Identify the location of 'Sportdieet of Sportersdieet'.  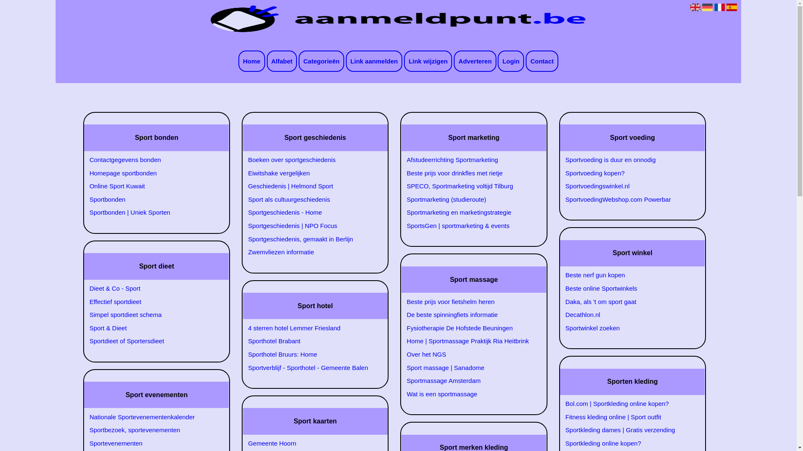
(152, 341).